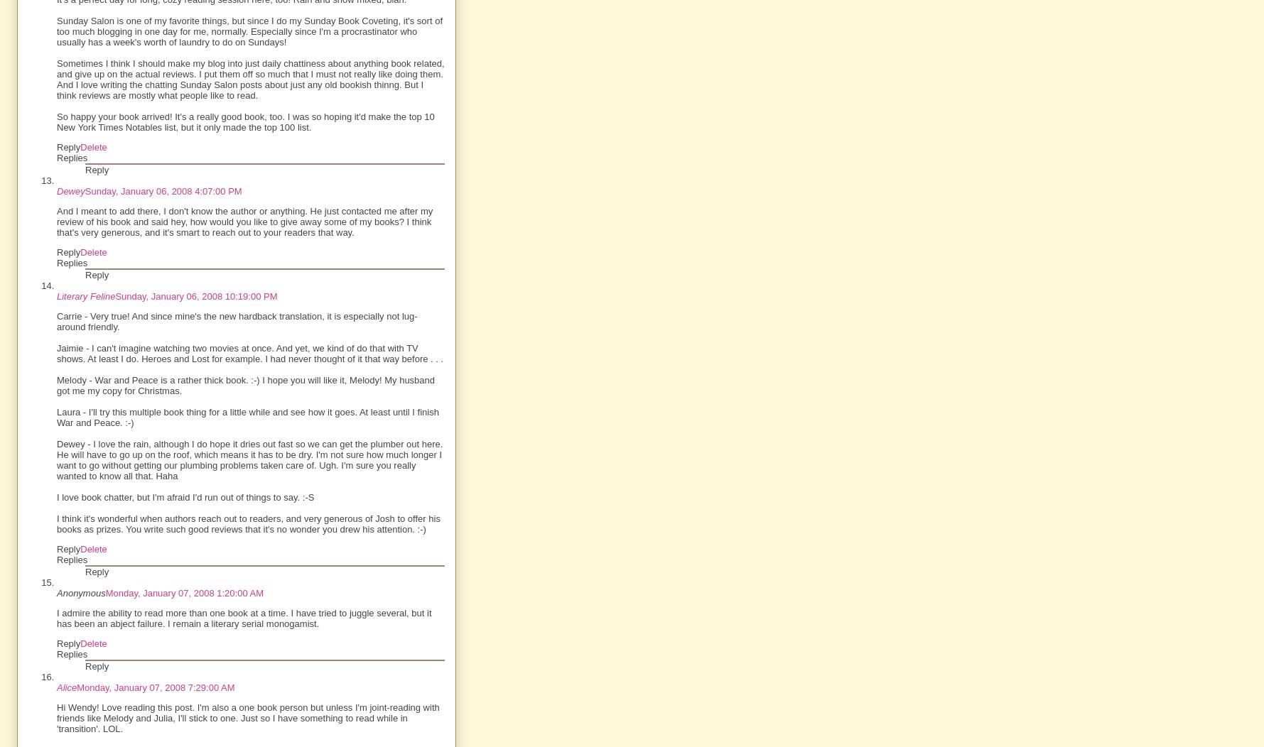  What do you see at coordinates (80, 592) in the screenshot?
I see `'Anonymous'` at bounding box center [80, 592].